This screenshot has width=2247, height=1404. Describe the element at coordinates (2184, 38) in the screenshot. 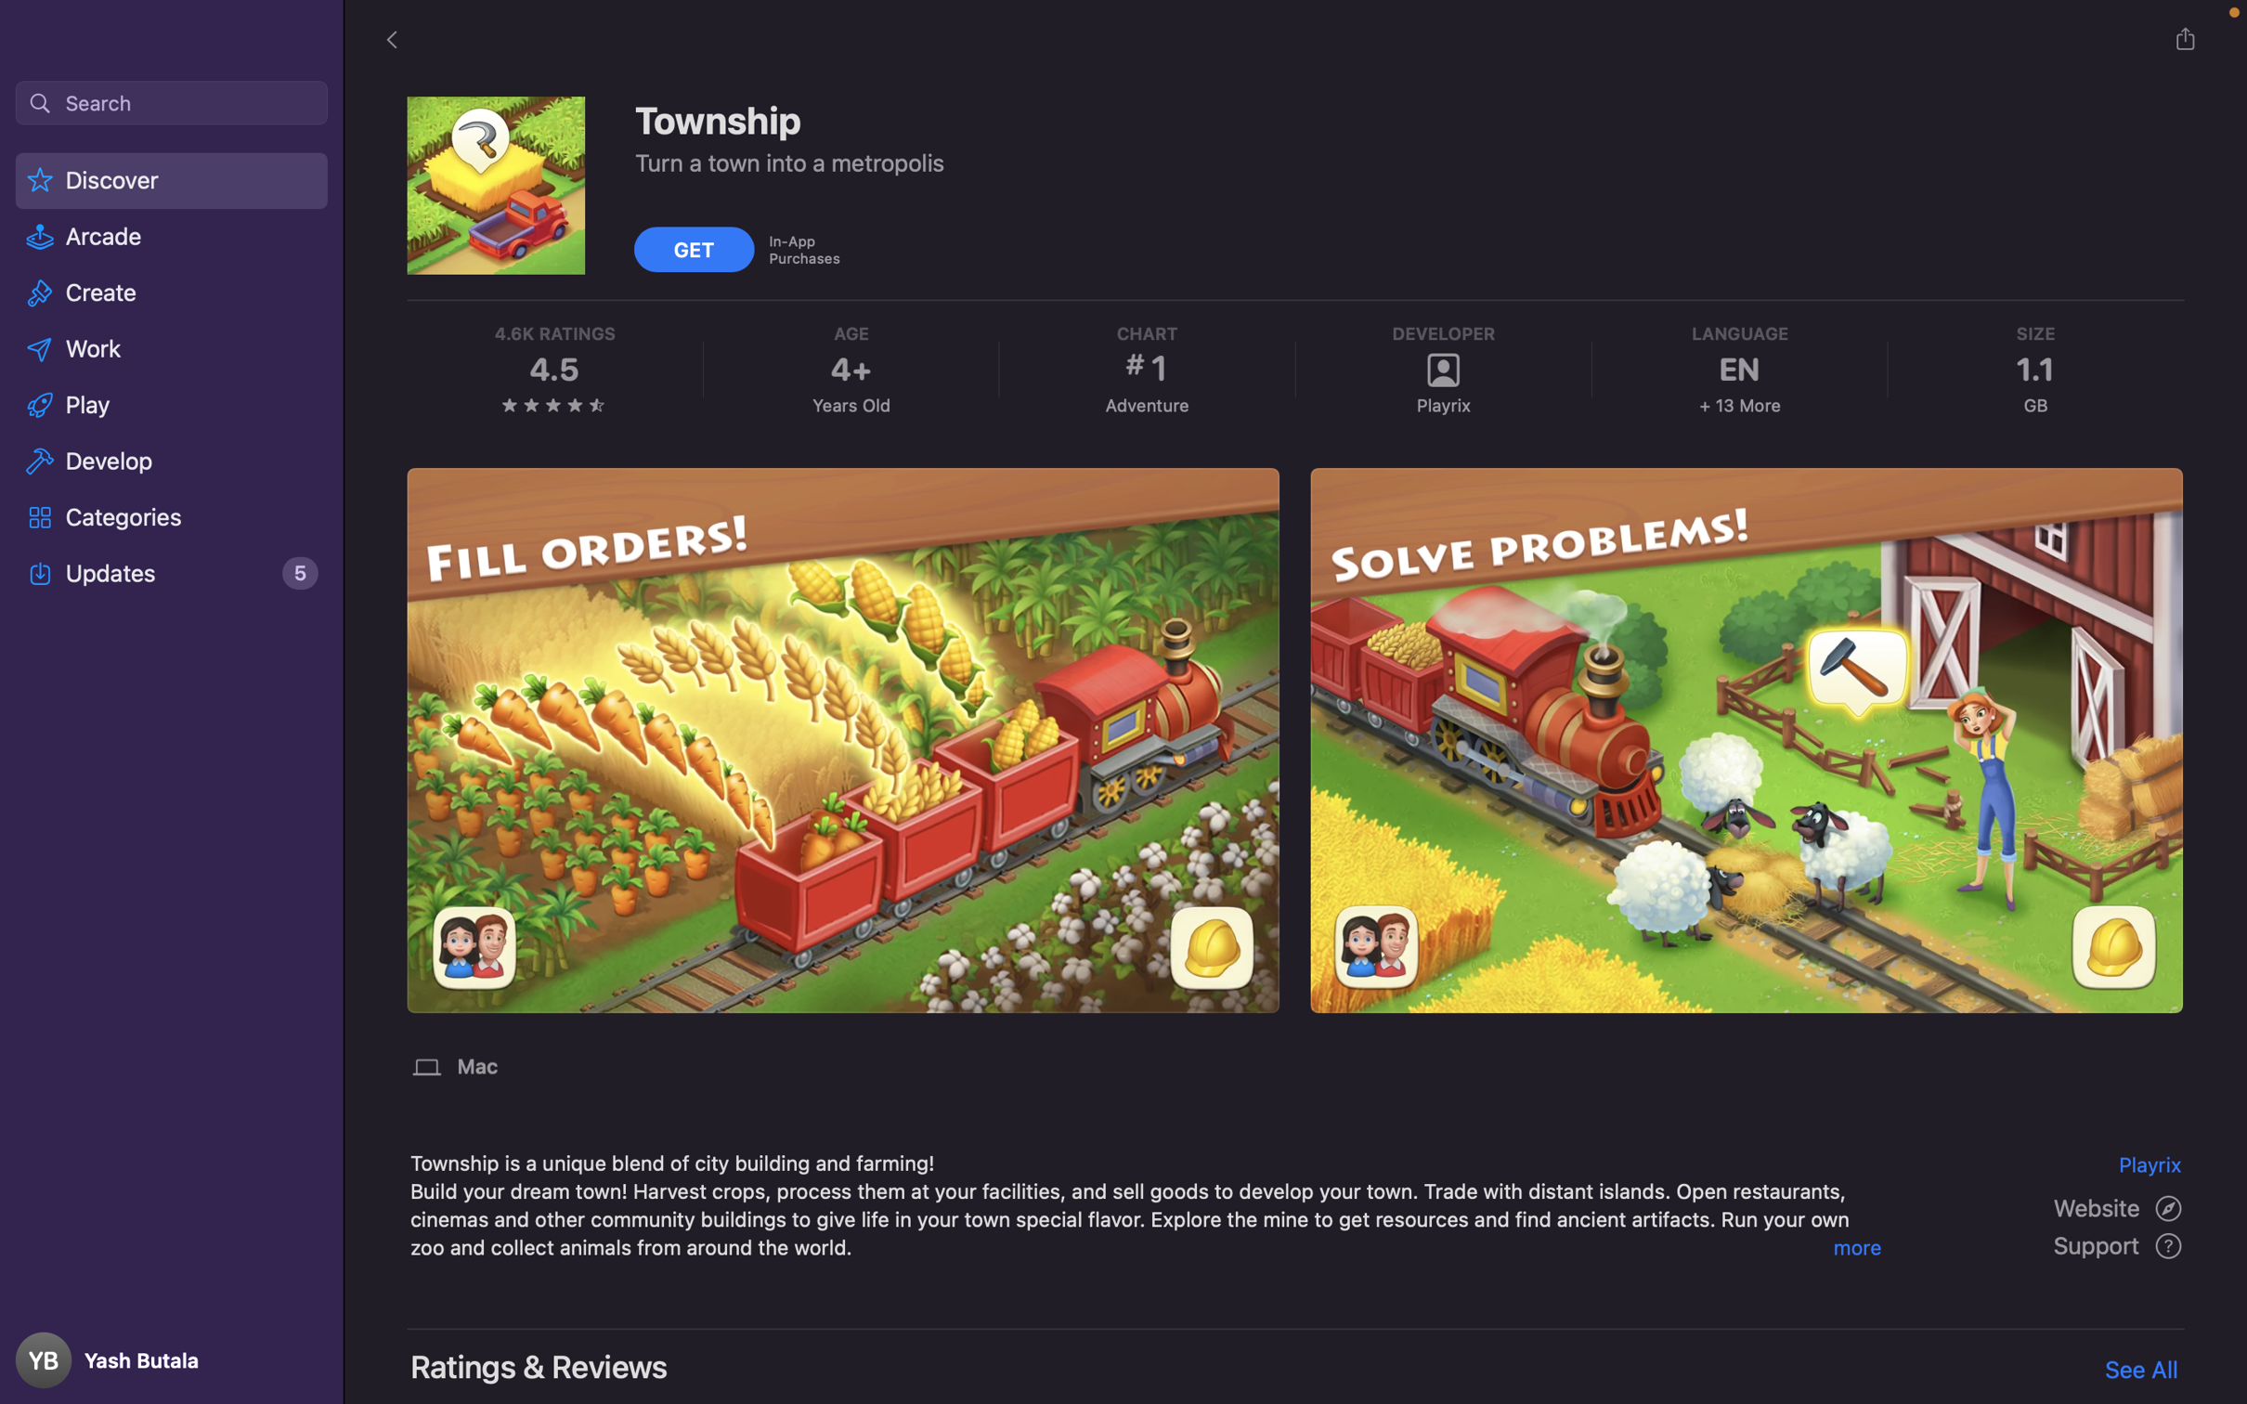

I see `Copy the link by clicking on the Share button` at that location.